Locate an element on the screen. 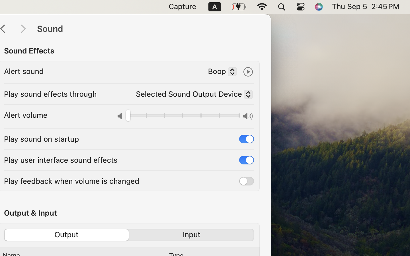 The width and height of the screenshot is (410, 256). 'Alert sound' is located at coordinates (24, 71).